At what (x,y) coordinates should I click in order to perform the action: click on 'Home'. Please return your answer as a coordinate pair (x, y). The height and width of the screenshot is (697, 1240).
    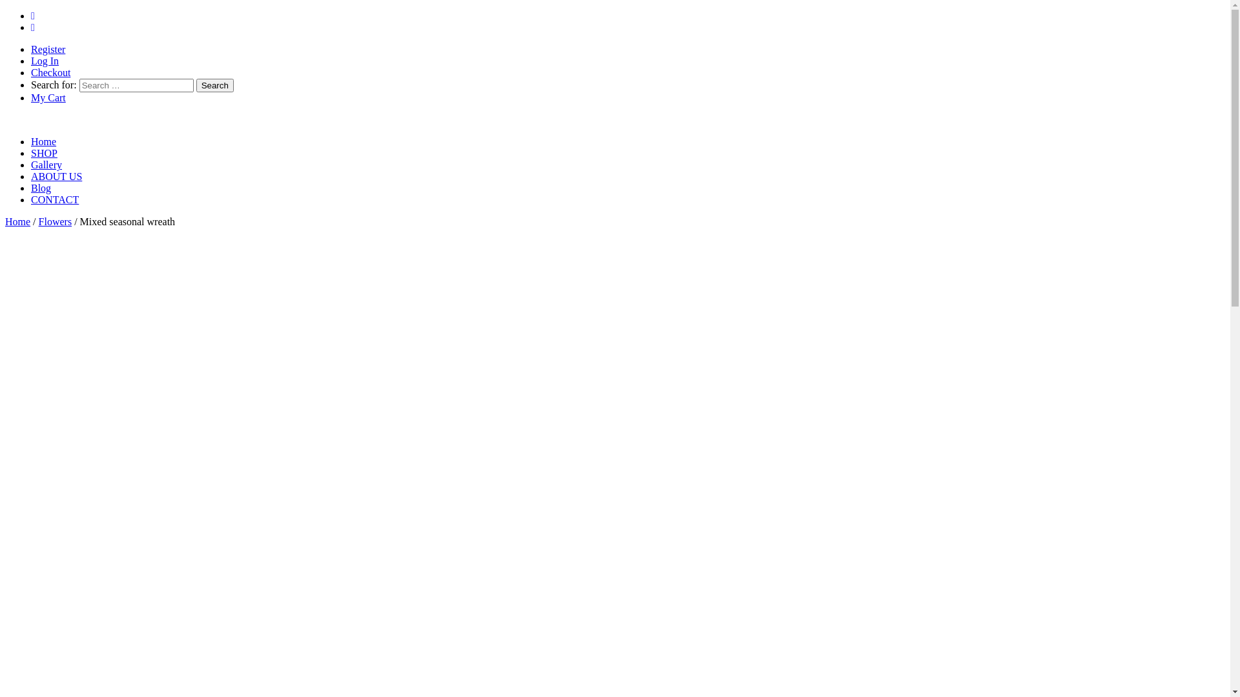
    Looking at the image, I should click on (17, 221).